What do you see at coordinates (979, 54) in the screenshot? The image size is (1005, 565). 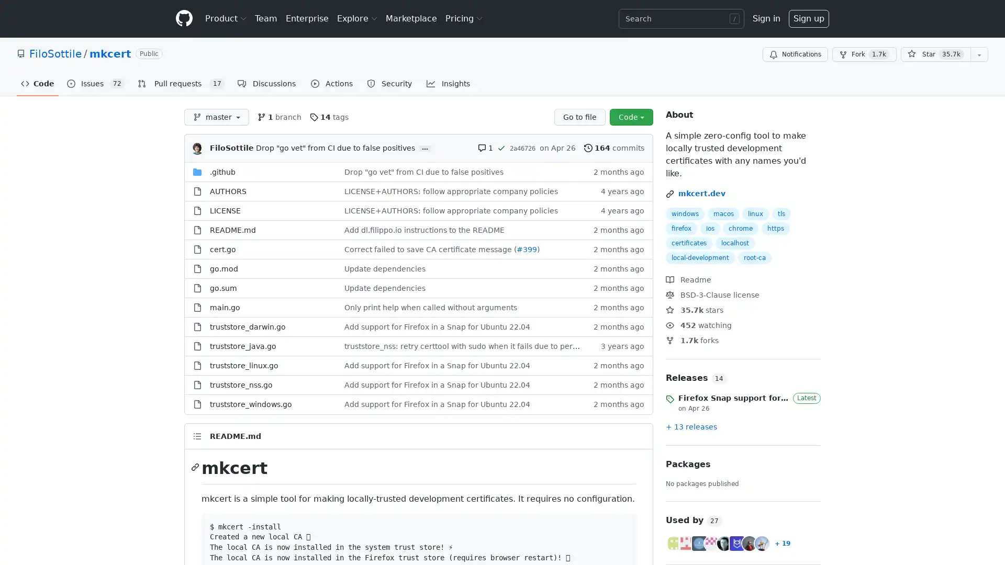 I see `You must be signed in to add this repository to a list` at bounding box center [979, 54].